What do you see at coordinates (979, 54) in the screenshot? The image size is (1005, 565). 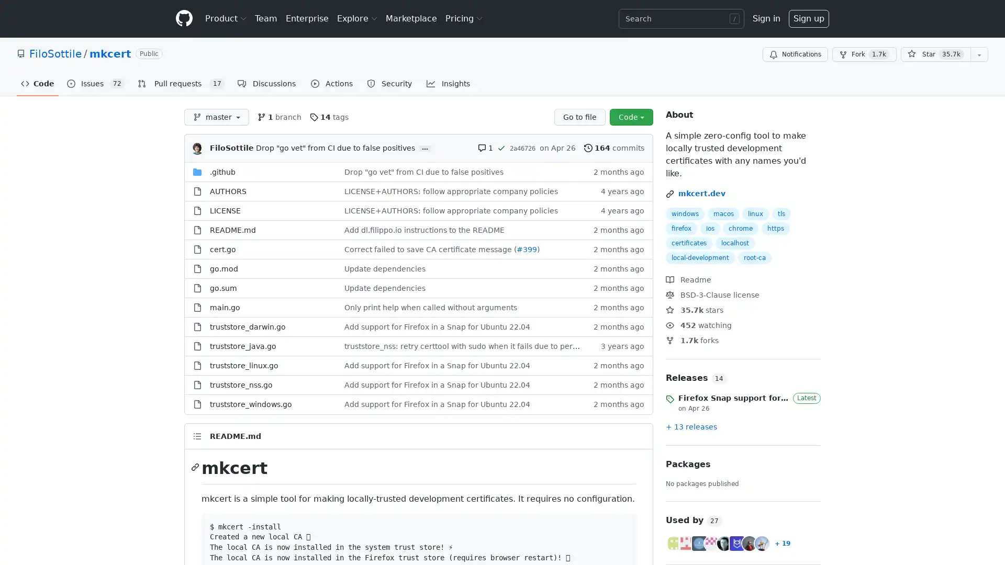 I see `You must be signed in to add this repository to a list` at bounding box center [979, 54].